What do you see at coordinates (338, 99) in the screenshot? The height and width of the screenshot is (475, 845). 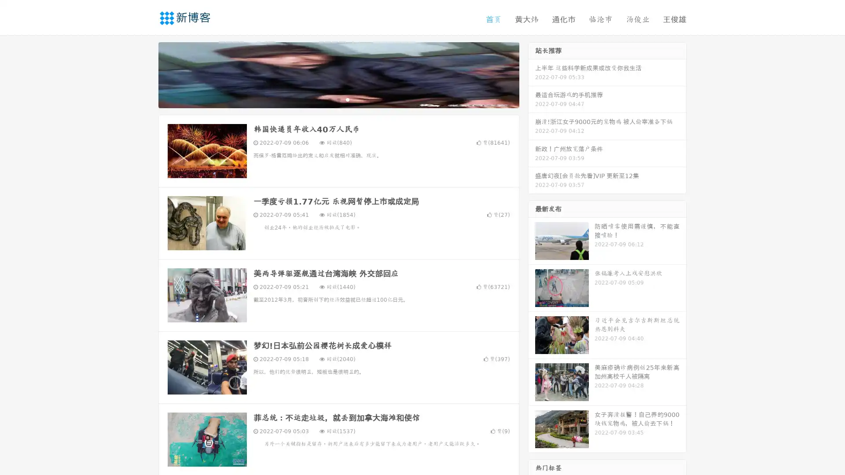 I see `Go to slide 2` at bounding box center [338, 99].